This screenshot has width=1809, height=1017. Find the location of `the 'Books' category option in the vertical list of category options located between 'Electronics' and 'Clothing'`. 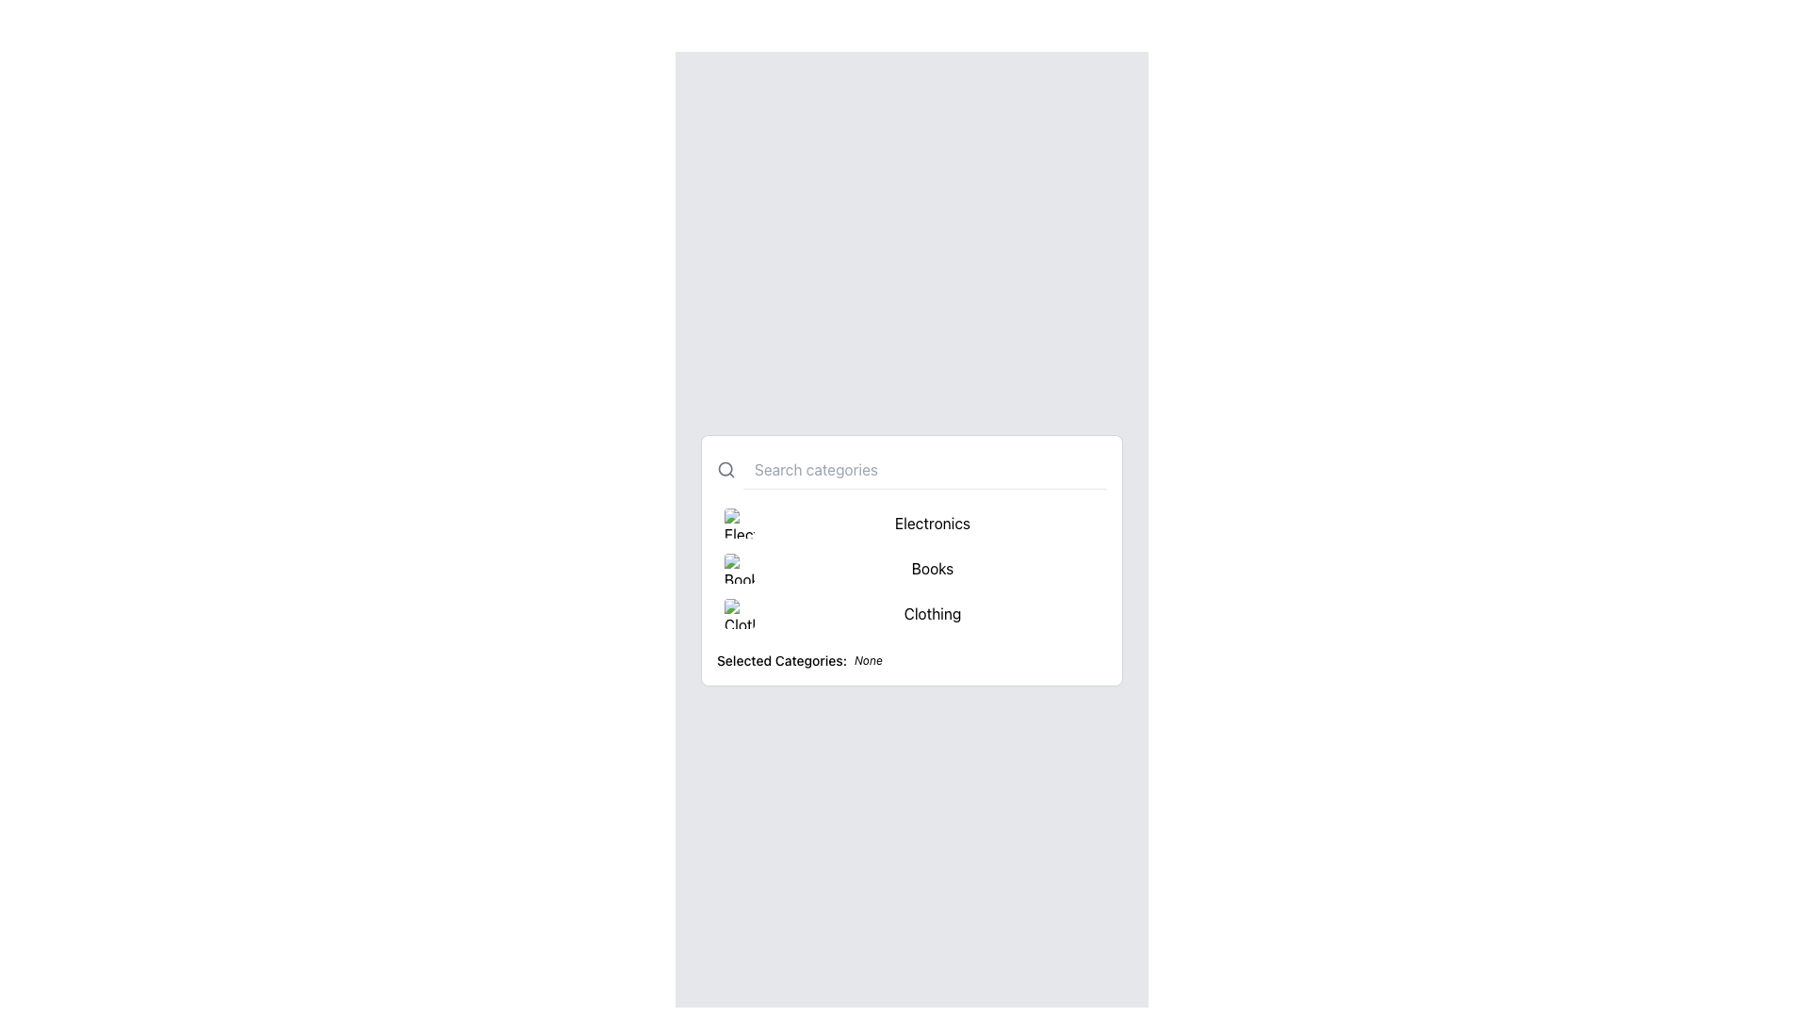

the 'Books' category option in the vertical list of category options located between 'Electronics' and 'Clothing' is located at coordinates (912, 558).